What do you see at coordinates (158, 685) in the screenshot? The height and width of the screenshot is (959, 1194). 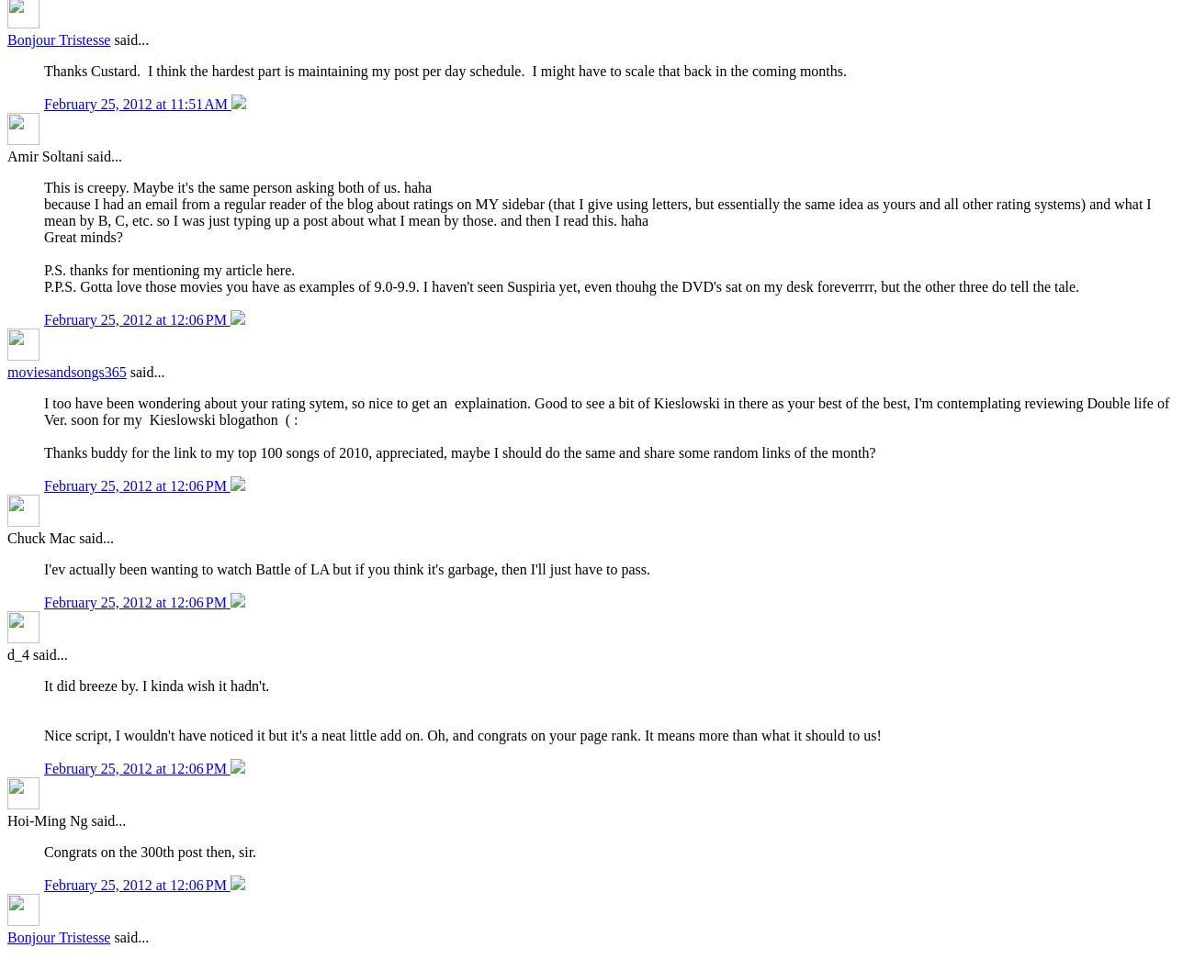 I see `'It did breeze by. I kinda wish it hadn't.'` at bounding box center [158, 685].